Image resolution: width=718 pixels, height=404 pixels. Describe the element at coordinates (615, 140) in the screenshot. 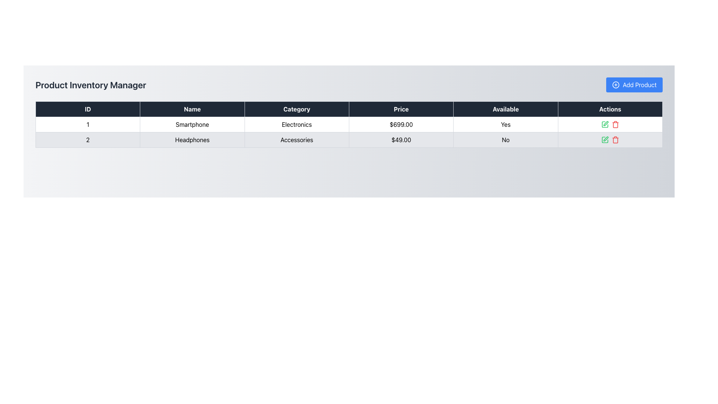

I see `the delete button in the 'Actions' column of the second row in the data table to initiate a deletion action` at that location.